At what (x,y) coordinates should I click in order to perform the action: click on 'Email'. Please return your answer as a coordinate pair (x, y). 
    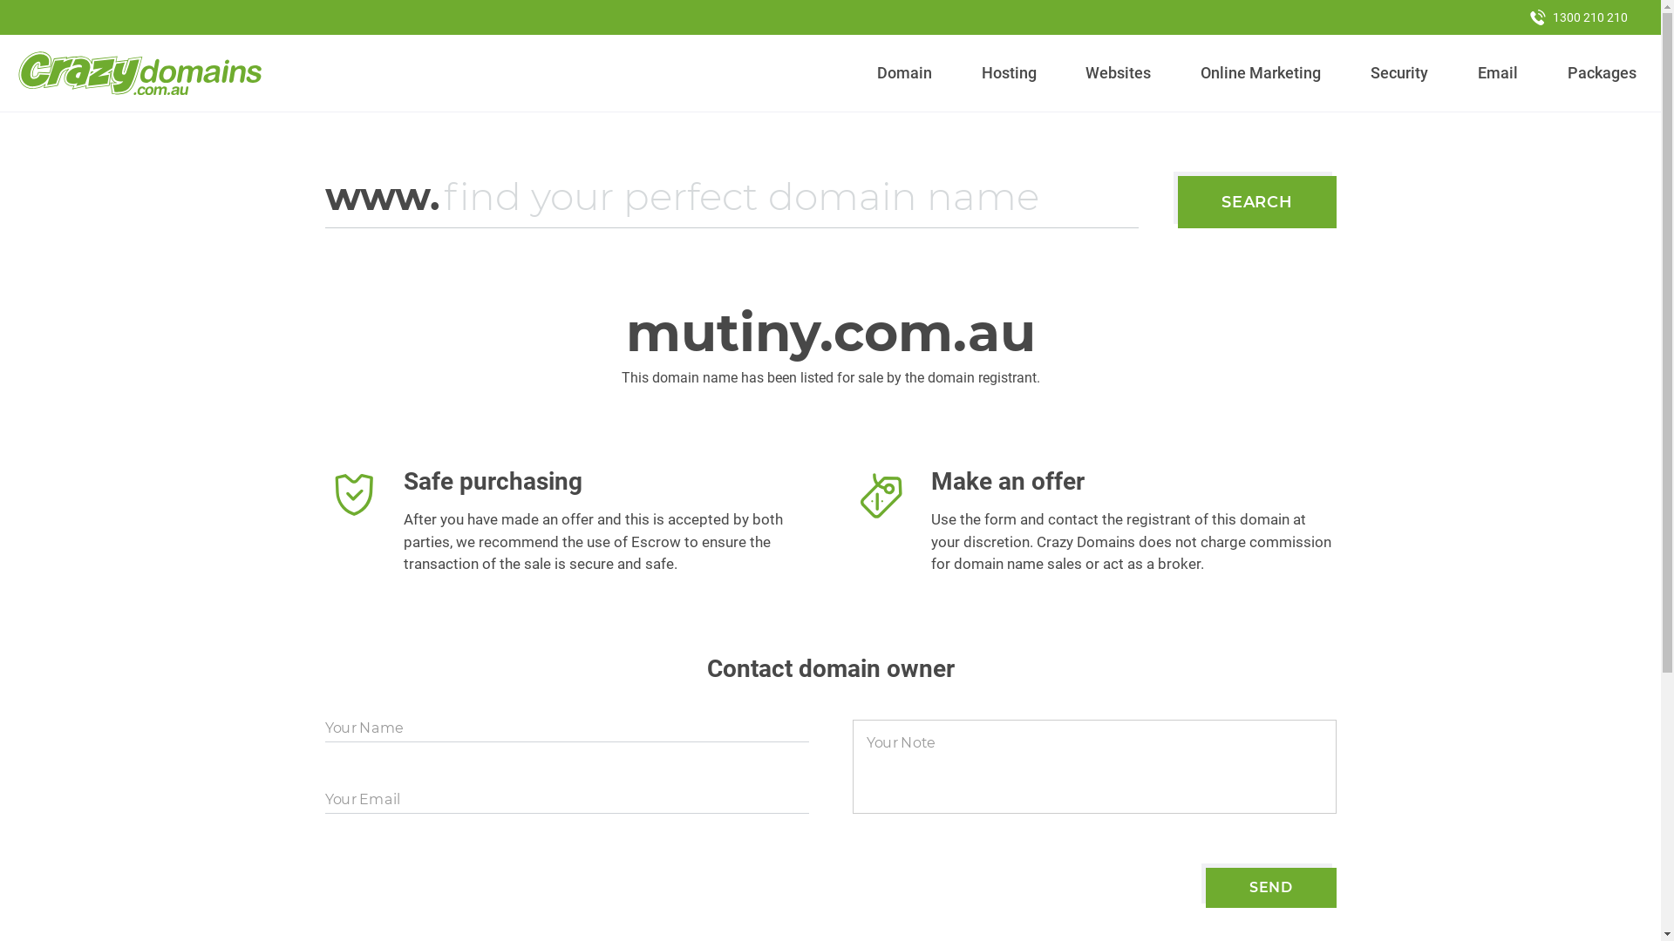
    Looking at the image, I should click on (1496, 72).